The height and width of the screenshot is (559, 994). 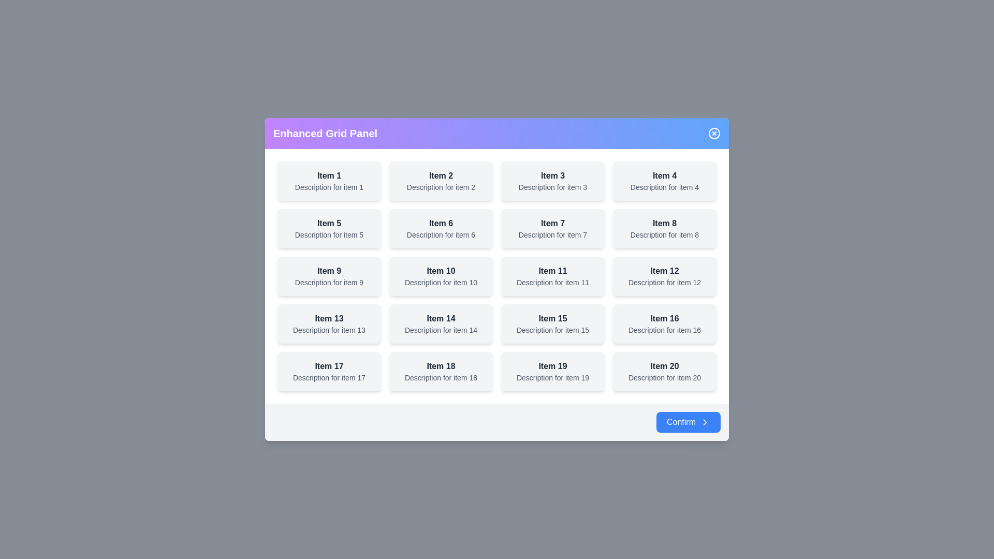 What do you see at coordinates (714, 133) in the screenshot?
I see `the 'Close' button in the top-right corner of the dialog` at bounding box center [714, 133].